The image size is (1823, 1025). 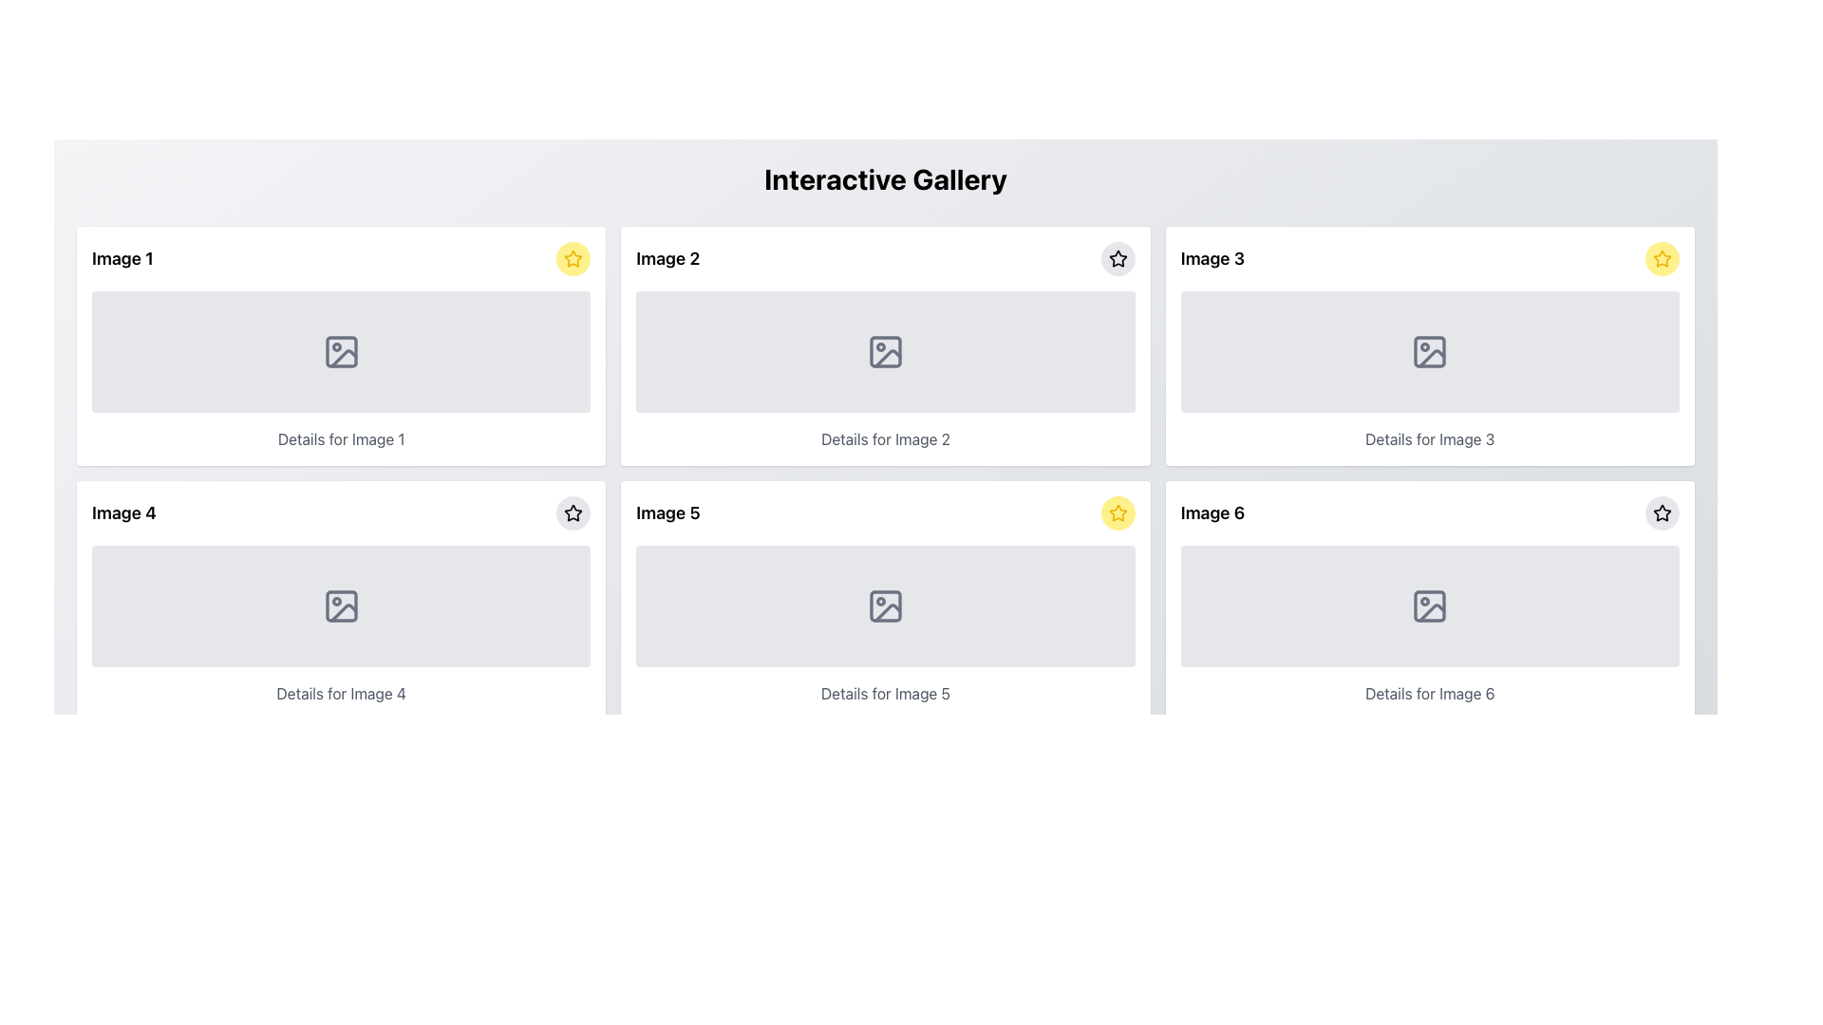 What do you see at coordinates (1430, 606) in the screenshot?
I see `the SVG icon located in the bottom-right section of the sixth card in a grid-based layout, which serves as a placeholder or visual representation of an image` at bounding box center [1430, 606].